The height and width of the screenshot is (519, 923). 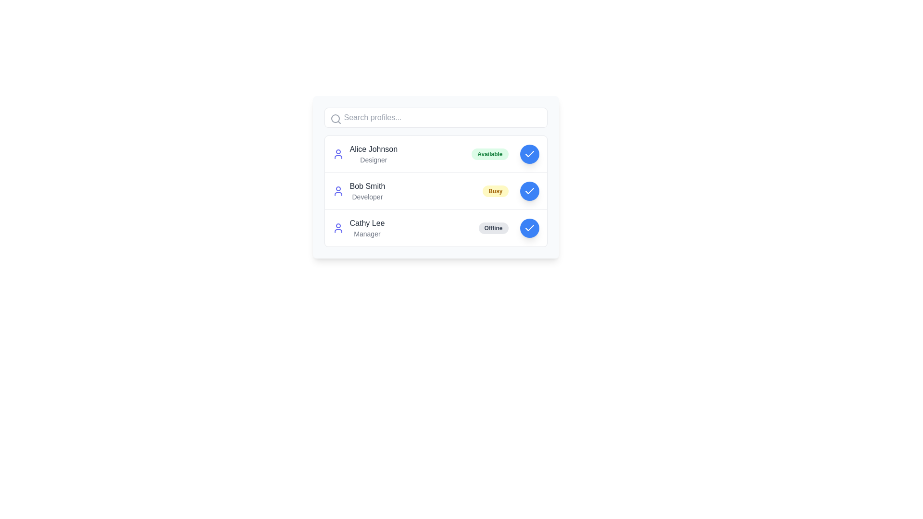 I want to click on the user profile icon for Cathy Lee, which is the first element on the left inside the entry row containing her information, so click(x=338, y=228).